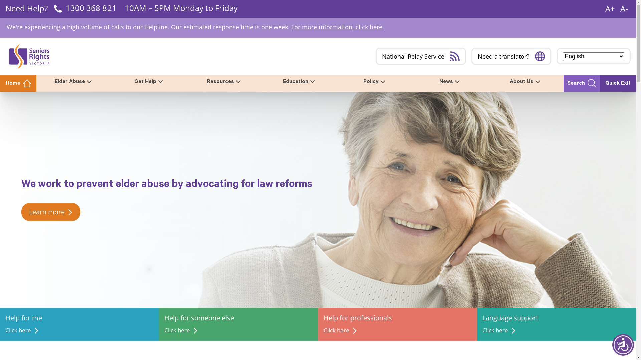  I want to click on 'Get Help', so click(149, 81).